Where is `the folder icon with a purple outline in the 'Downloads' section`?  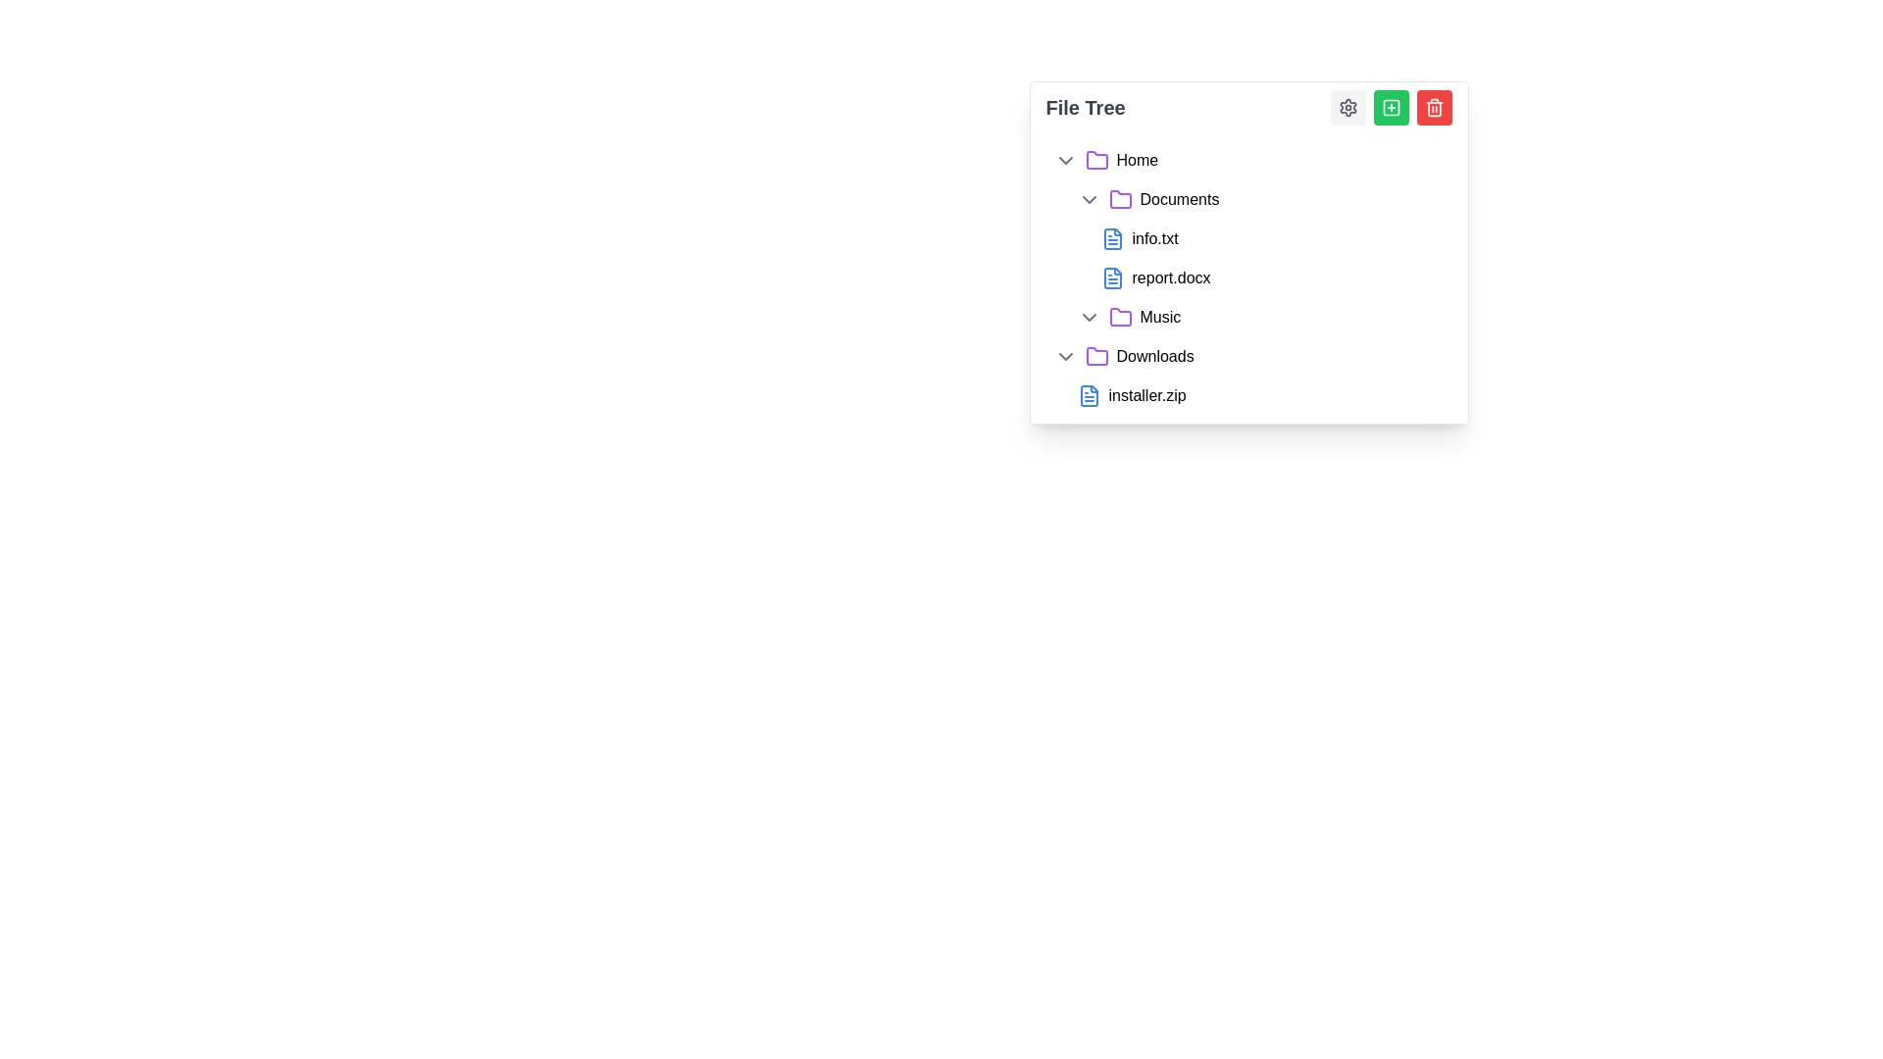 the folder icon with a purple outline in the 'Downloads' section is located at coordinates (1095, 356).